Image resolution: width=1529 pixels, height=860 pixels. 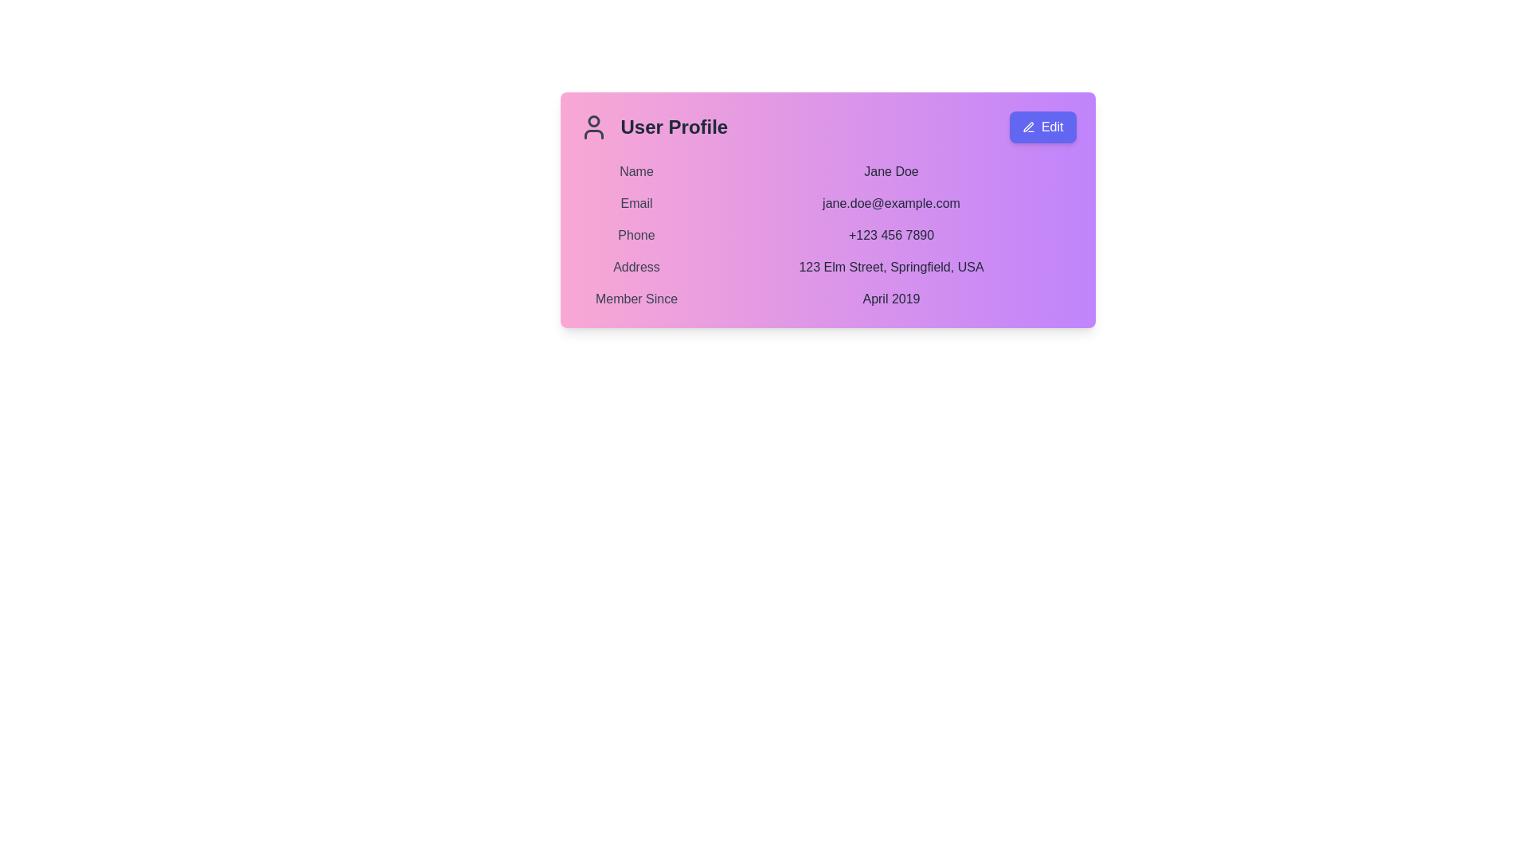 What do you see at coordinates (1028, 126) in the screenshot?
I see `the pen icon on the Edit button located at the top-right corner of the user profile card` at bounding box center [1028, 126].